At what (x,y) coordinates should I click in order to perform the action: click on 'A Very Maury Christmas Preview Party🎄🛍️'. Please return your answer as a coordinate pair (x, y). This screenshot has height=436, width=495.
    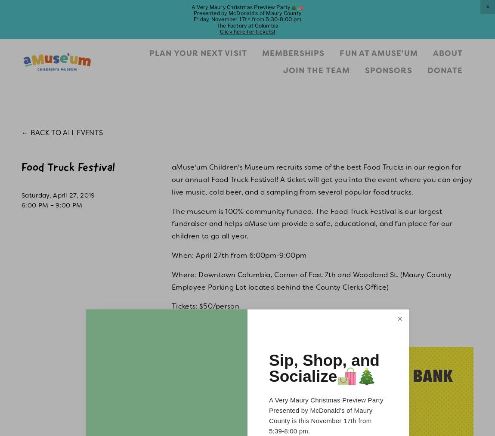
    Looking at the image, I should click on (191, 6).